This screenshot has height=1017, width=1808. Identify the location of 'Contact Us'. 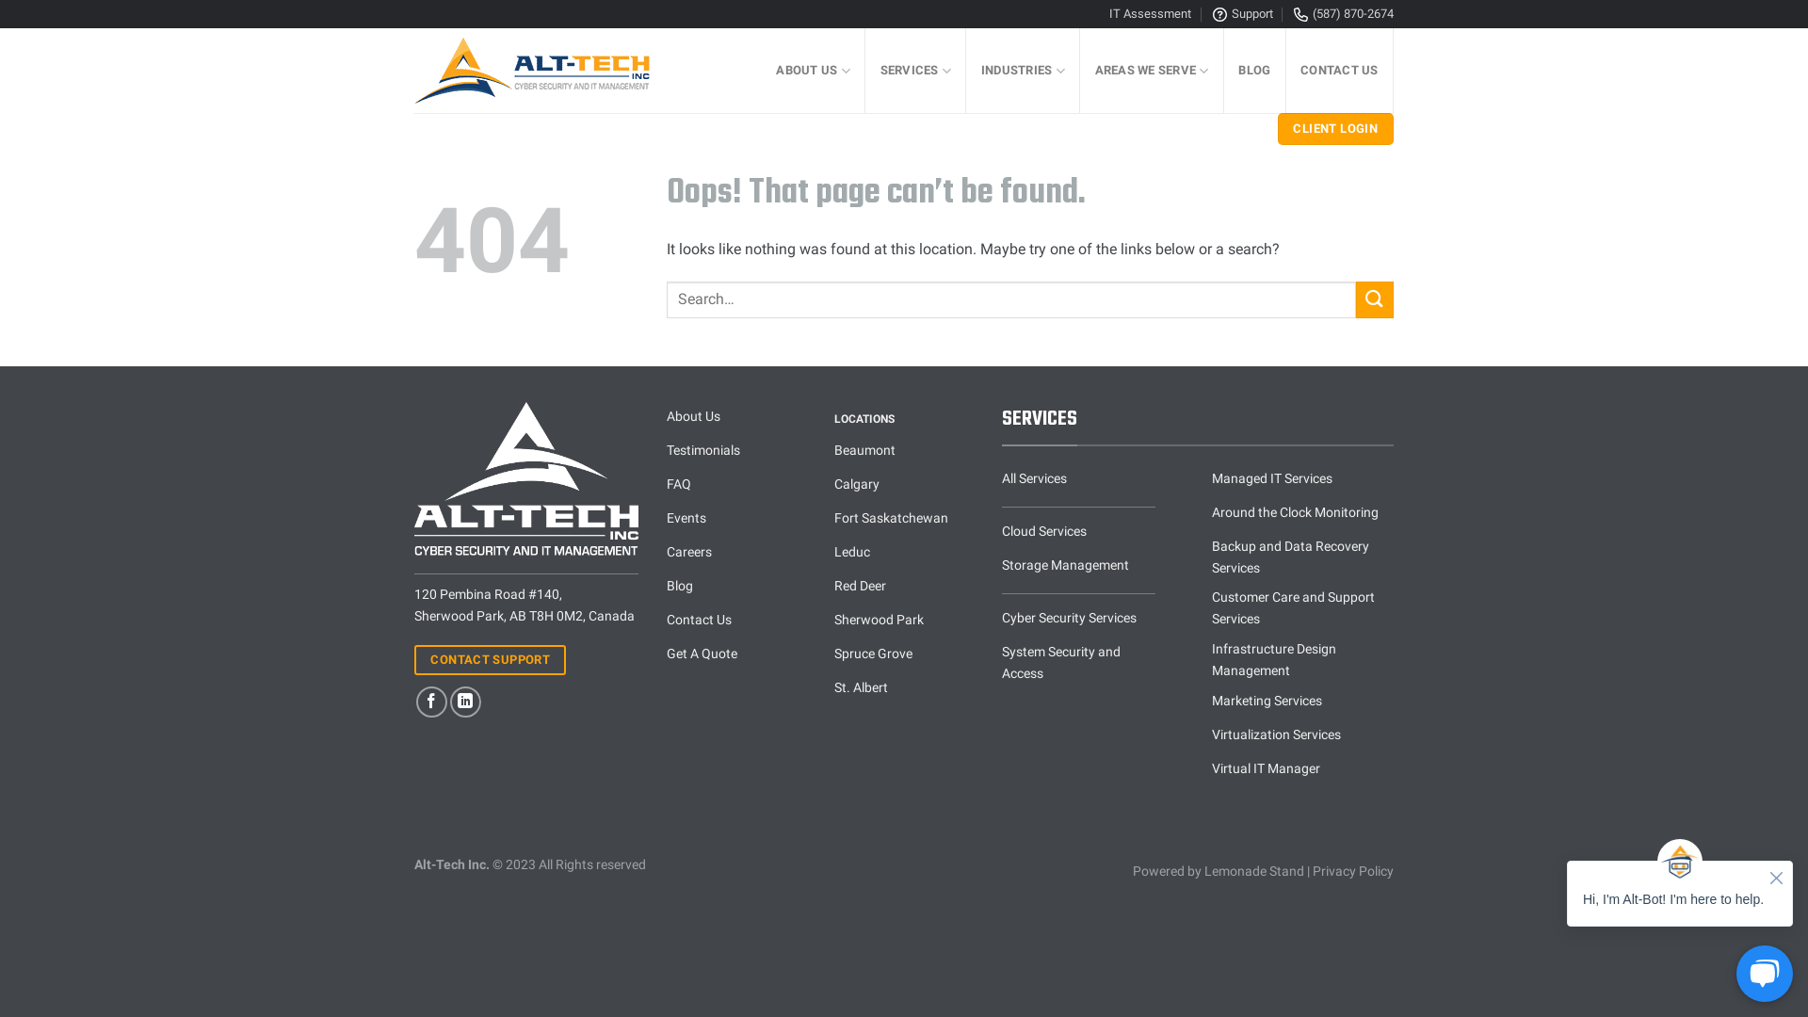
(735, 621).